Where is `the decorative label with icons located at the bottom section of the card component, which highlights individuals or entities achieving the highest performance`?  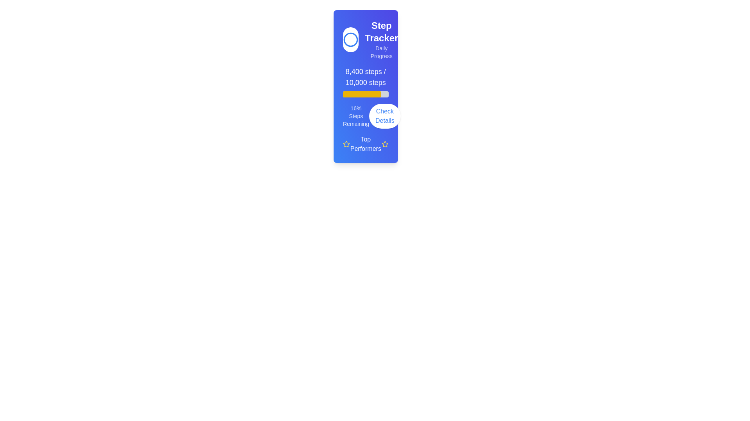
the decorative label with icons located at the bottom section of the card component, which highlights individuals or entities achieving the highest performance is located at coordinates (365, 144).